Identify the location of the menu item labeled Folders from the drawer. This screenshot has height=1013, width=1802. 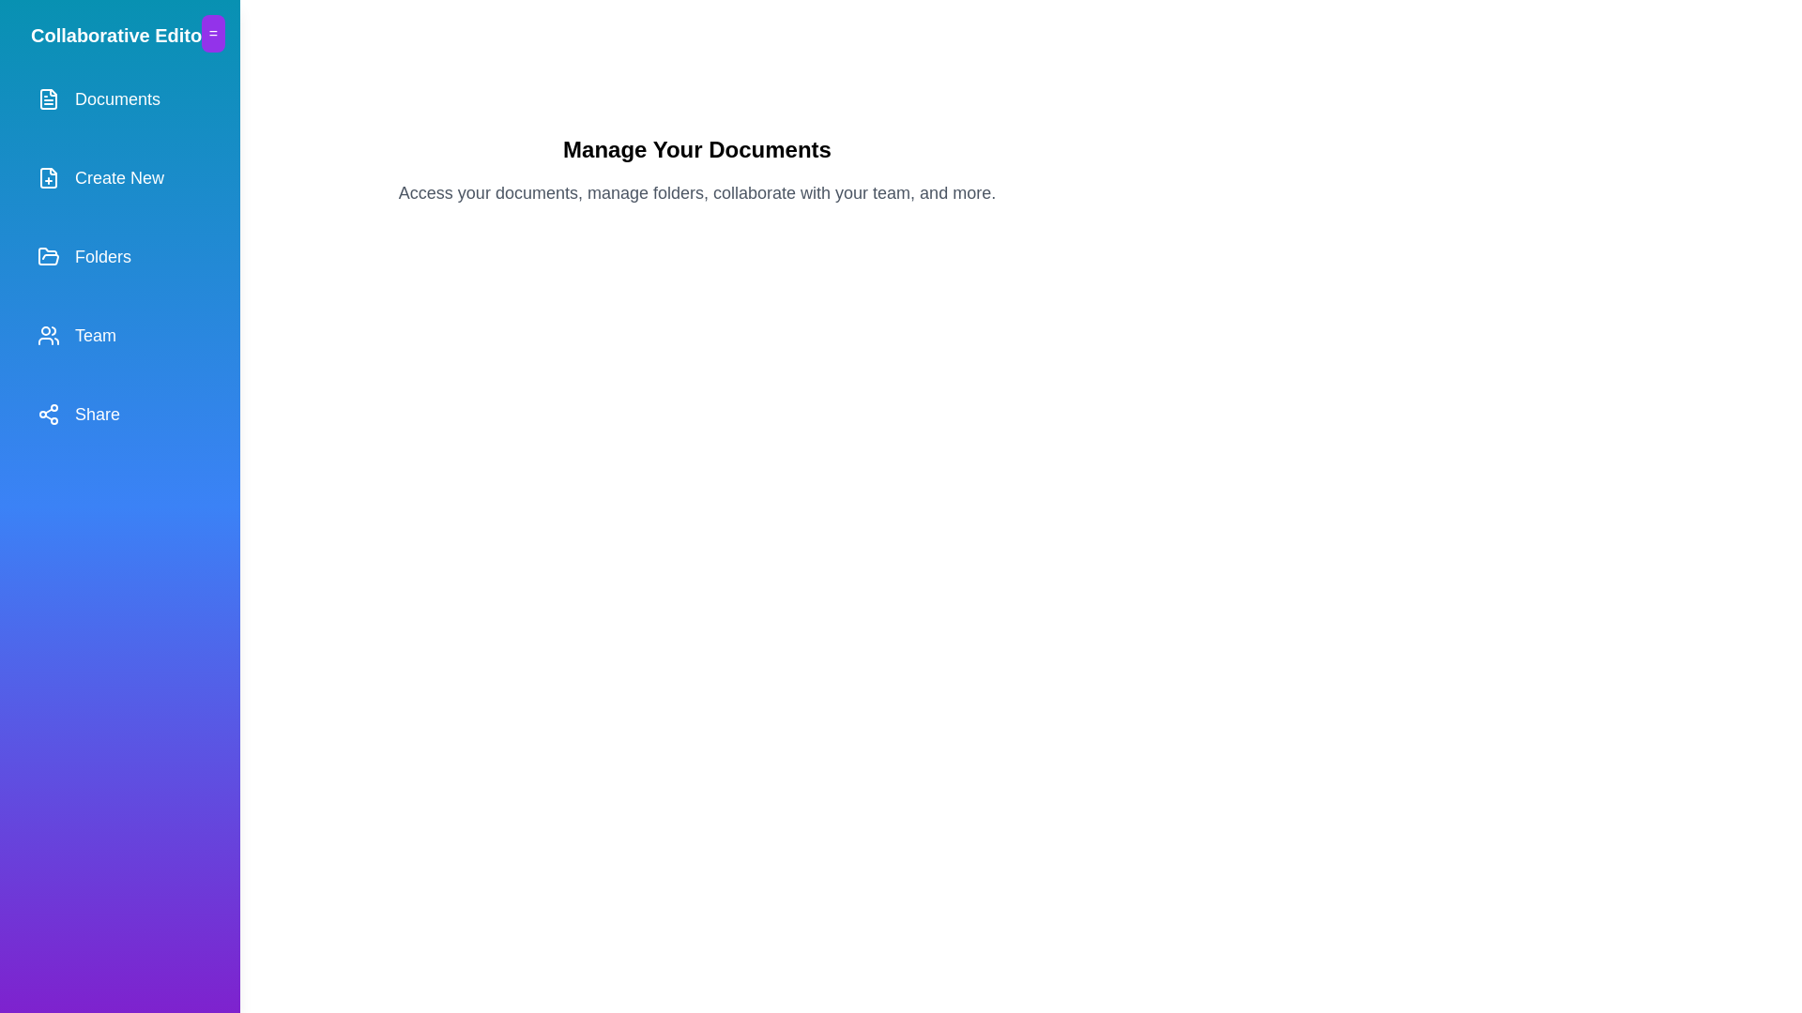
(119, 256).